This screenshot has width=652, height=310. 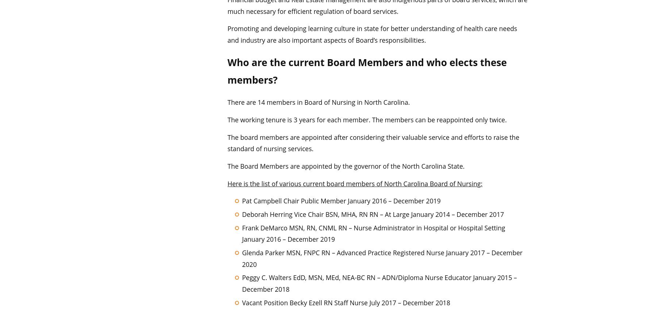 What do you see at coordinates (227, 70) in the screenshot?
I see `'Who are the current Board Members and who elects these members?'` at bounding box center [227, 70].